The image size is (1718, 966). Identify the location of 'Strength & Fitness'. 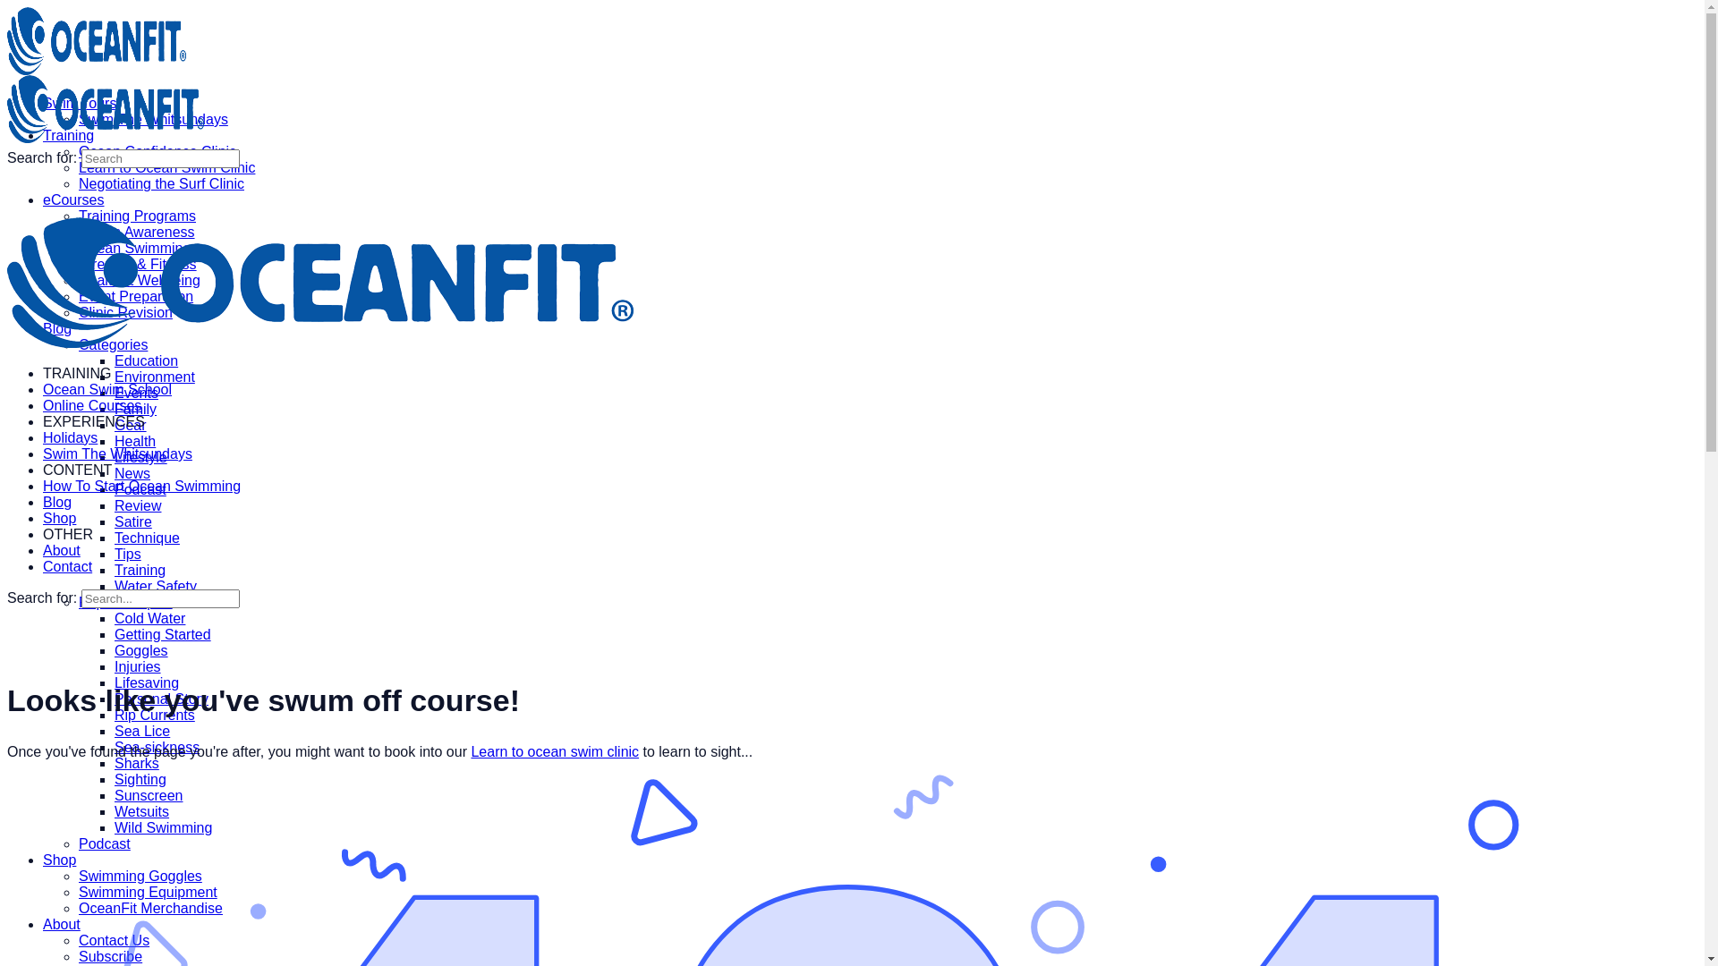
(136, 264).